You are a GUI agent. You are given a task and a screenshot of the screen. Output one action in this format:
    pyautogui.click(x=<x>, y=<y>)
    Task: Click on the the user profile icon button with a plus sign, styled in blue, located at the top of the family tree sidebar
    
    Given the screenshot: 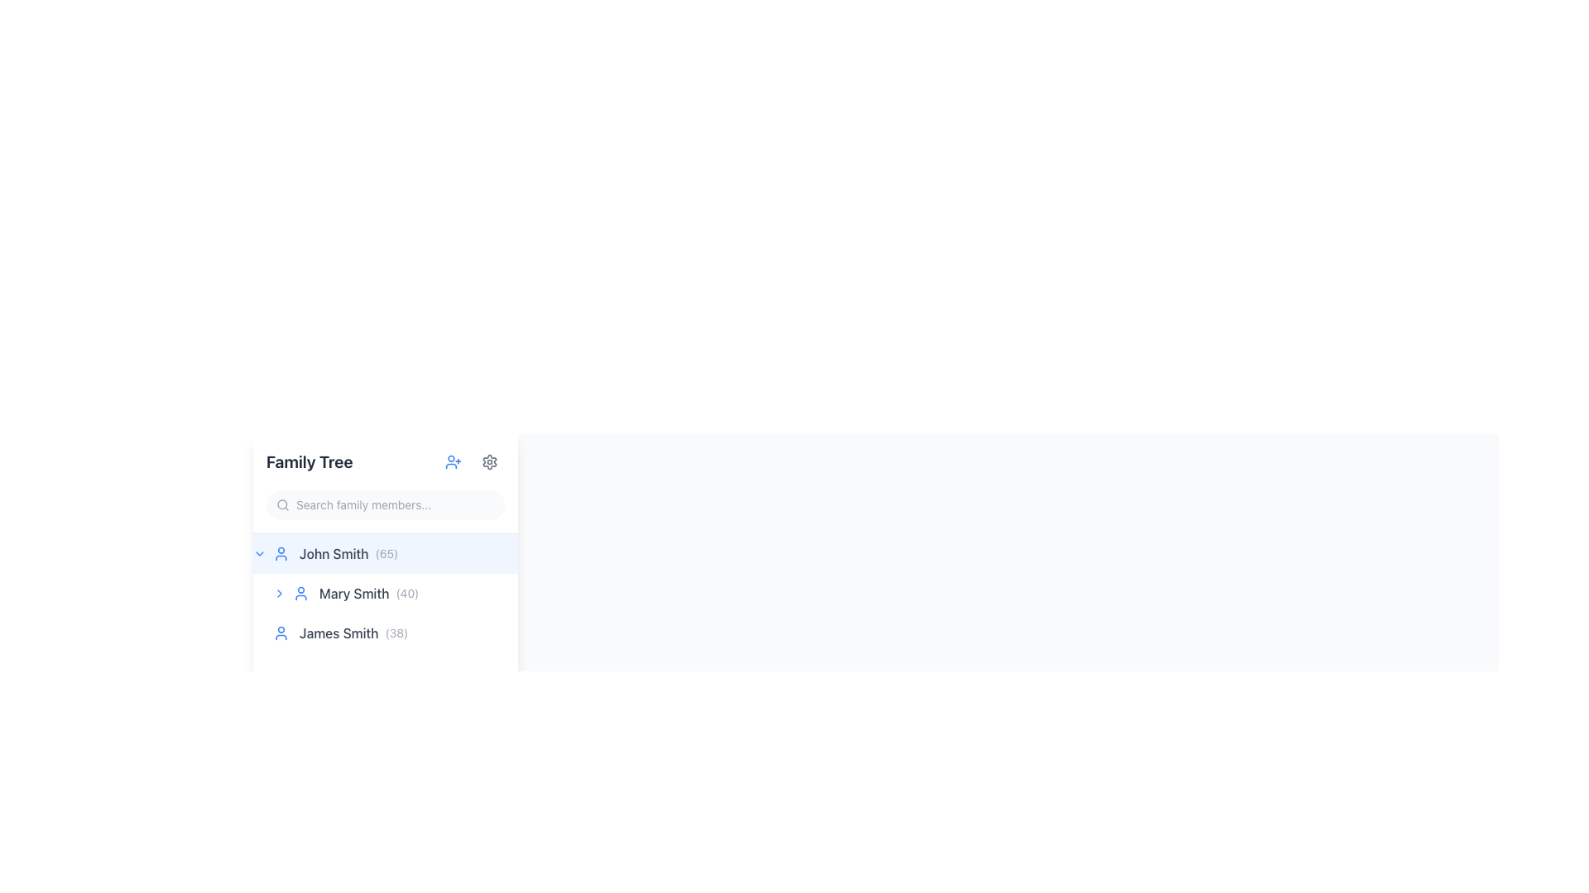 What is the action you would take?
    pyautogui.click(x=453, y=462)
    